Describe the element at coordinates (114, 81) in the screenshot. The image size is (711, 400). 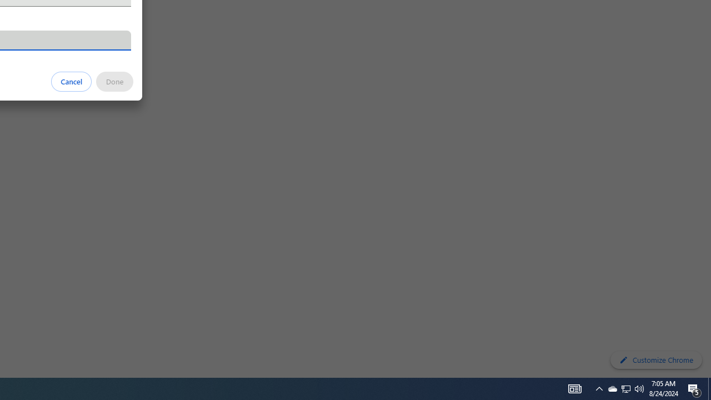
I see `'Done'` at that location.